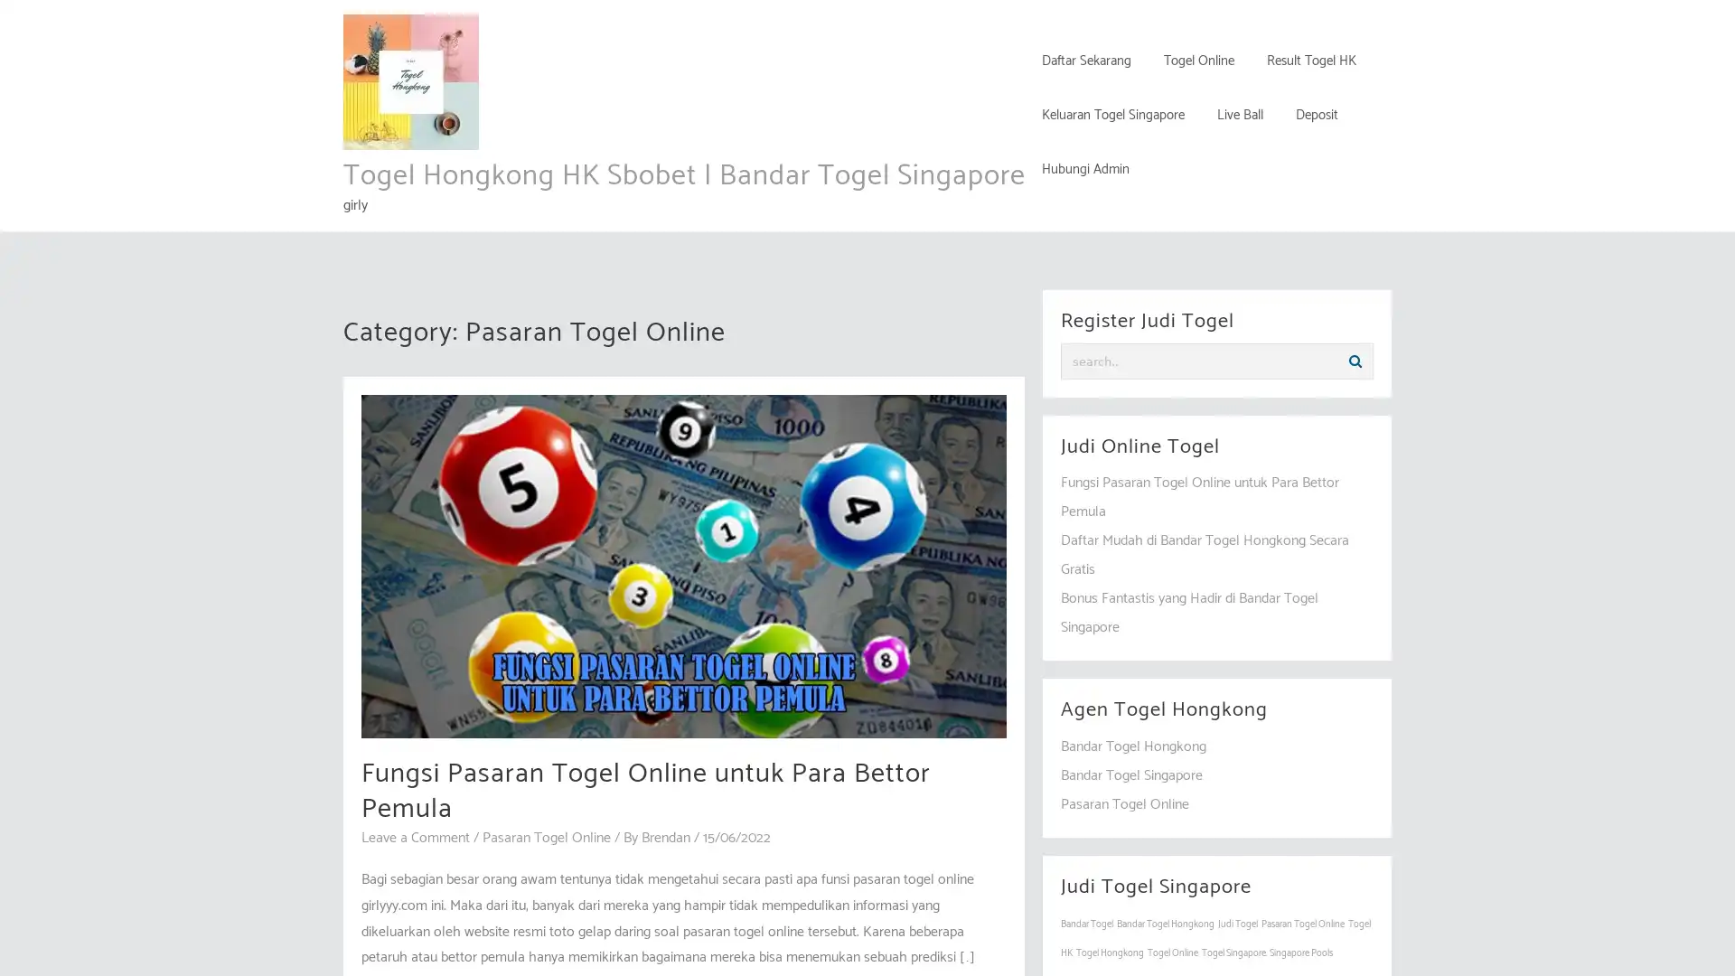  What do you see at coordinates (1355, 361) in the screenshot?
I see `Search` at bounding box center [1355, 361].